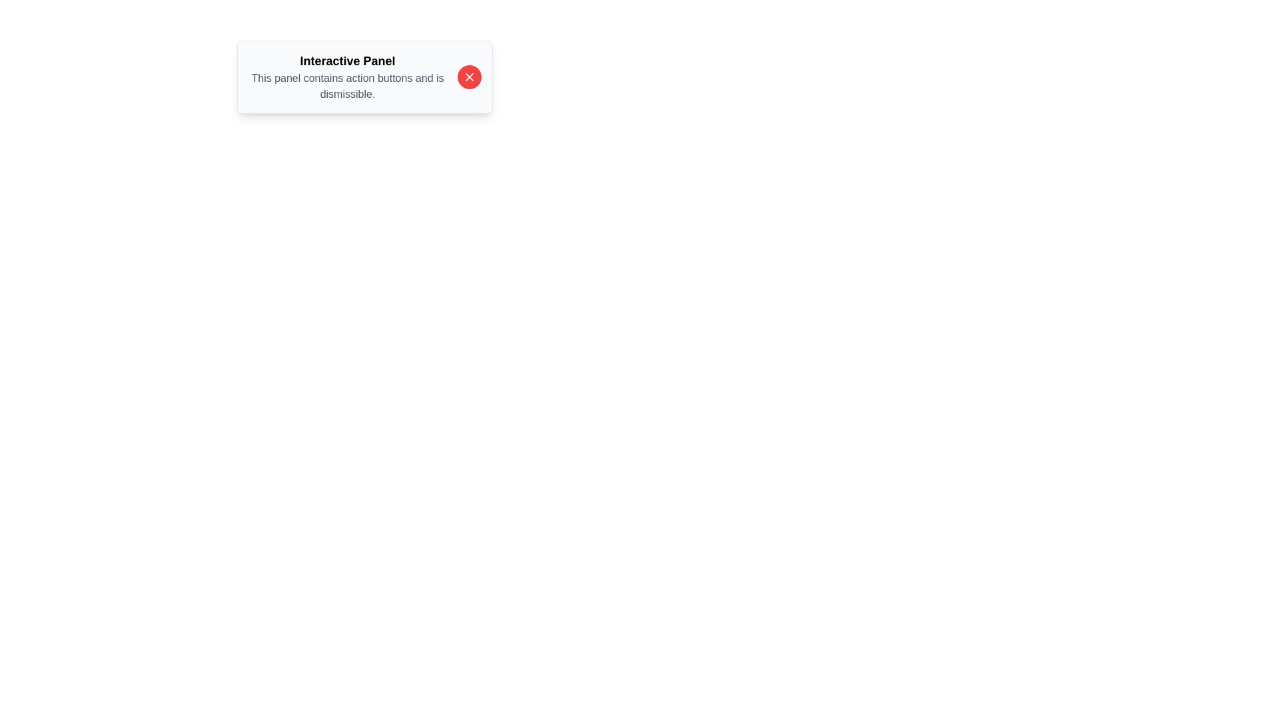 Image resolution: width=1279 pixels, height=719 pixels. Describe the element at coordinates (470, 77) in the screenshot. I see `the circular red button icon located in the upper-right corner of the interactive panel` at that location.